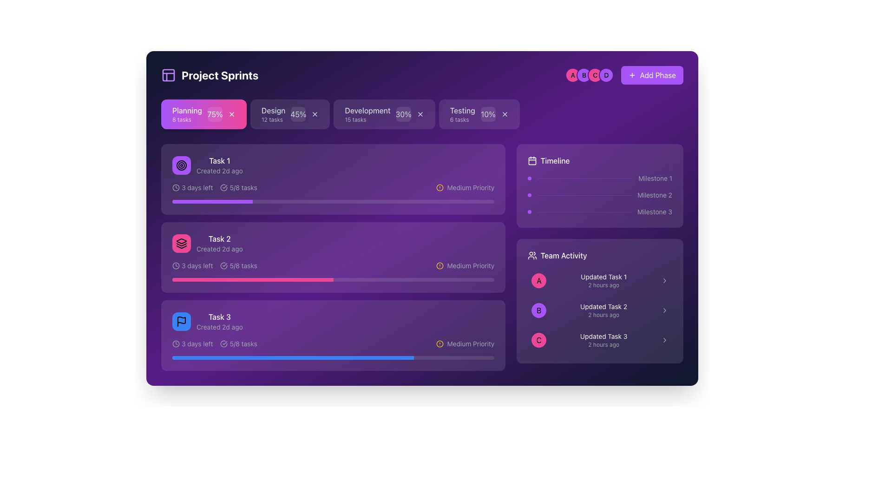 The height and width of the screenshot is (502, 892). Describe the element at coordinates (532, 160) in the screenshot. I see `the main body of the calendar icon, which is represented by a centrally positioned SVG rectangle near the top-right of the interface beside the 'Timeline' section heading` at that location.